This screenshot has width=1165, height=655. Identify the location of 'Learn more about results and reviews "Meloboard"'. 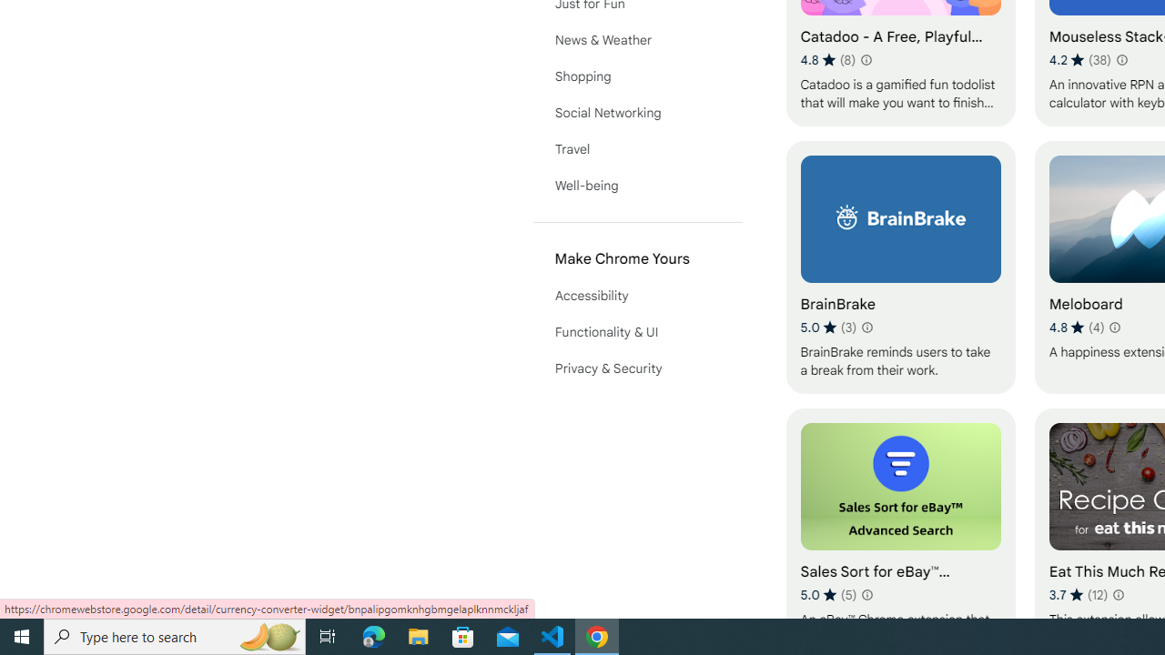
(1113, 327).